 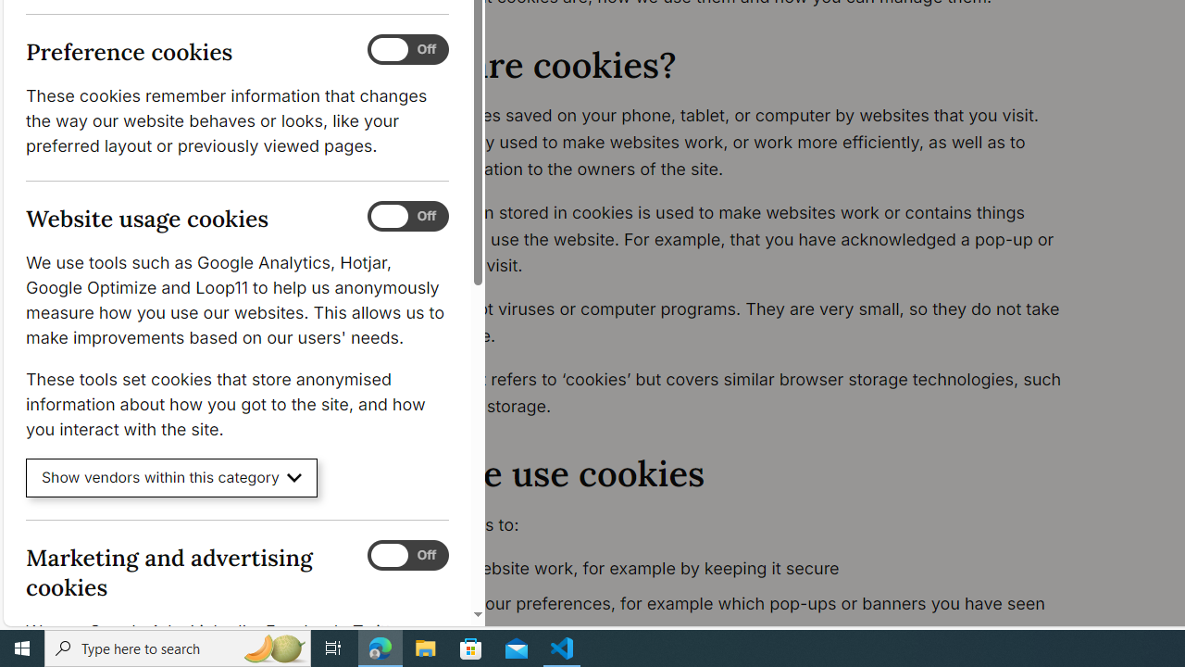 I want to click on 'Show vendors within this category', so click(x=171, y=477).